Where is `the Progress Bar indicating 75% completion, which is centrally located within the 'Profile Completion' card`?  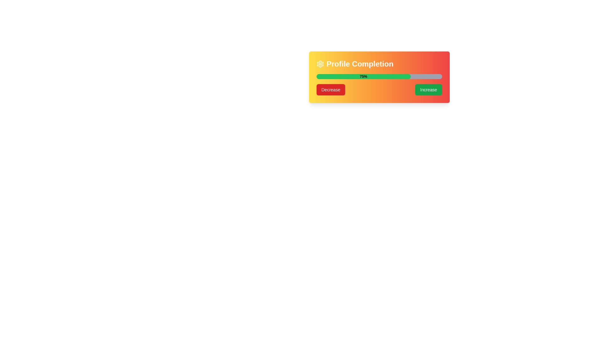 the Progress Bar indicating 75% completion, which is centrally located within the 'Profile Completion' card is located at coordinates (379, 76).